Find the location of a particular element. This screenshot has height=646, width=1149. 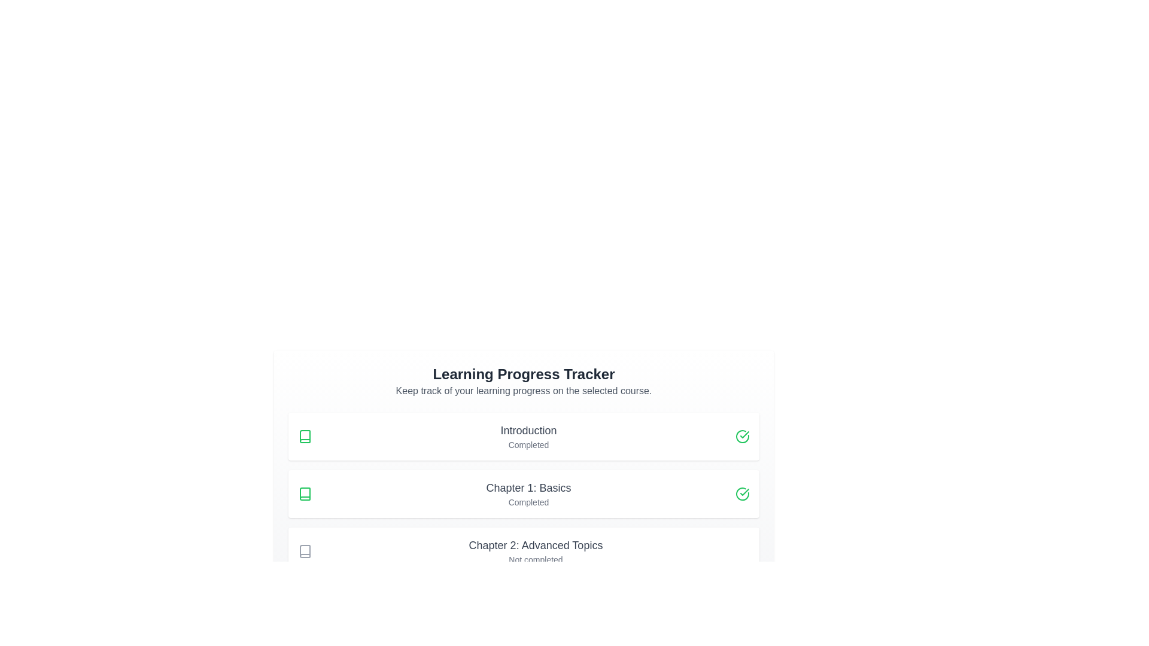

text from the 'Completed' label located directly below the 'Chapter 1: Basics' title, which is displayed in a small, gray font is located at coordinates (528, 502).